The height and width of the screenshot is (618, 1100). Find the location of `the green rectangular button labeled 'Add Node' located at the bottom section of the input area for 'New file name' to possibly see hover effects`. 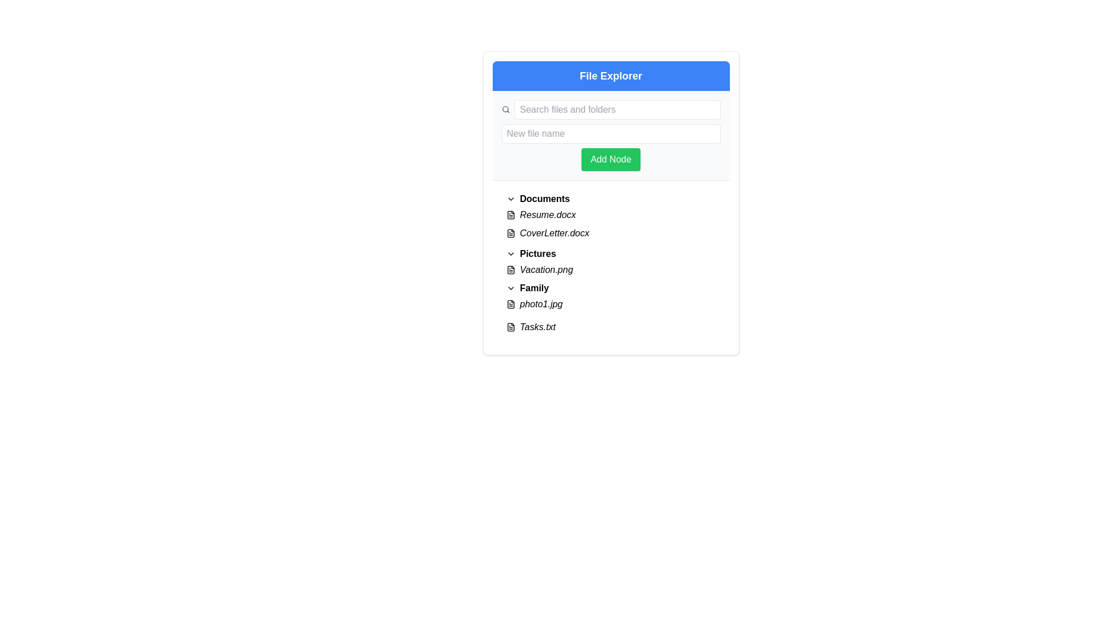

the green rectangular button labeled 'Add Node' located at the bottom section of the input area for 'New file name' to possibly see hover effects is located at coordinates (610, 147).